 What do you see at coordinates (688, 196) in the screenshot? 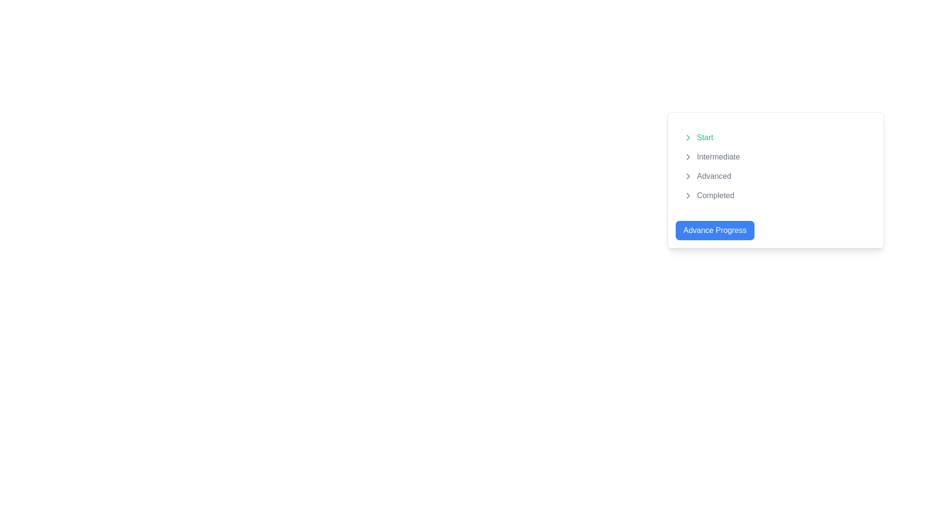
I see `the rightward-pointing chevron arrow icon located to the left of the 'Start' text item` at bounding box center [688, 196].